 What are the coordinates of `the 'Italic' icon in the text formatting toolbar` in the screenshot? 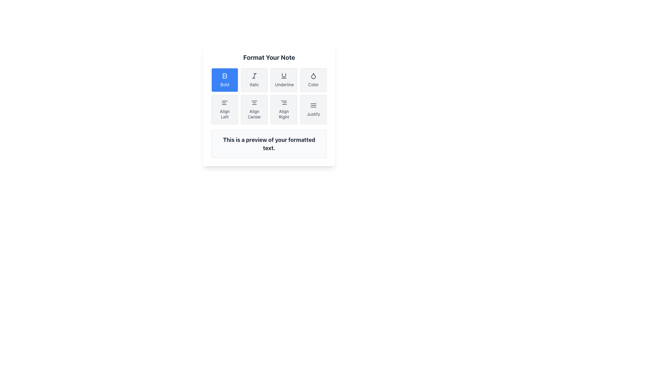 It's located at (254, 76).